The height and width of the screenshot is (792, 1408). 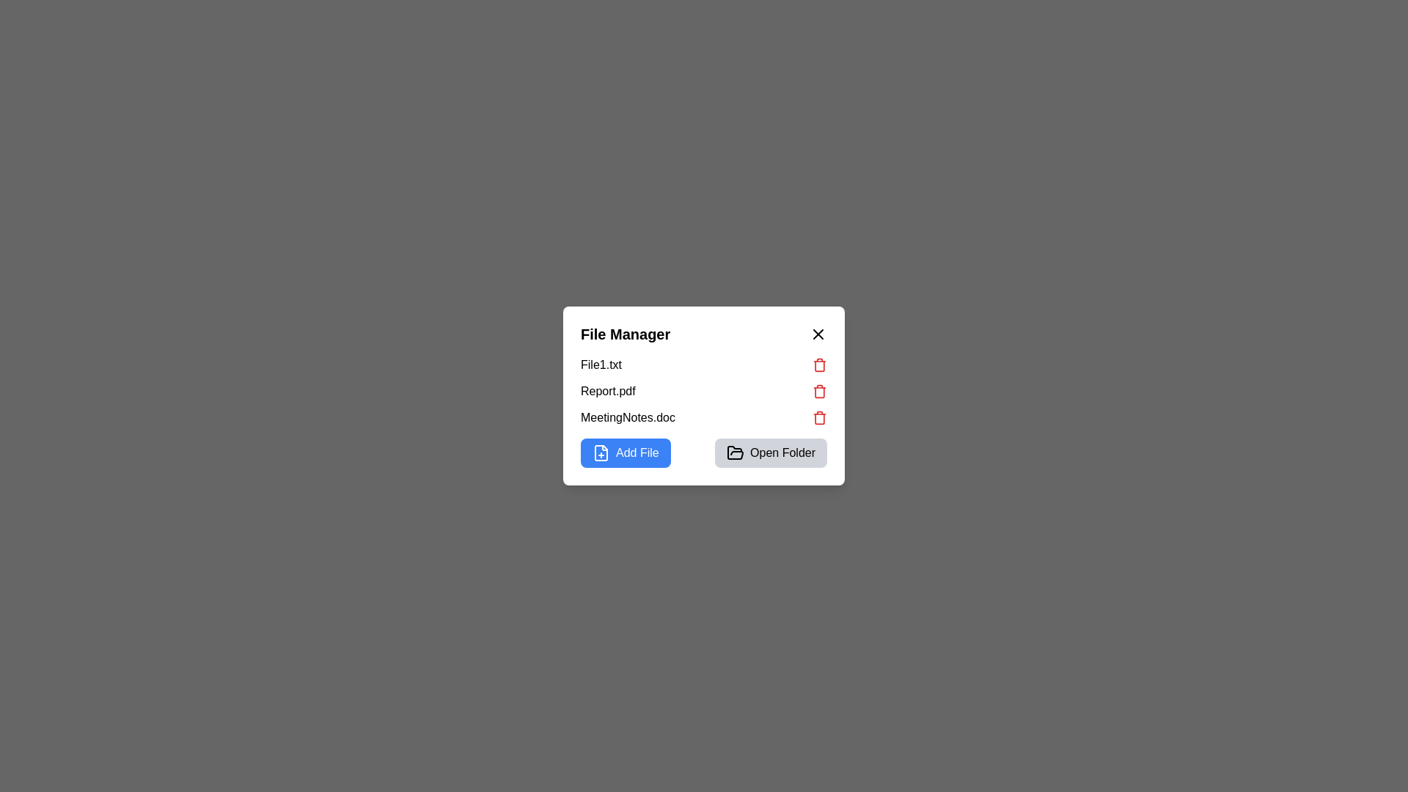 What do you see at coordinates (601, 452) in the screenshot?
I see `the 'Add File' icon within the button` at bounding box center [601, 452].